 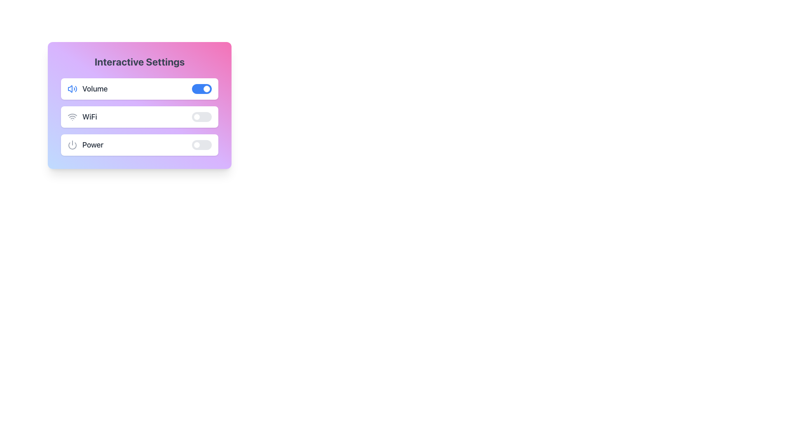 I want to click on the toggle switch in the Volume section of the settings panel to change its state, so click(x=201, y=89).